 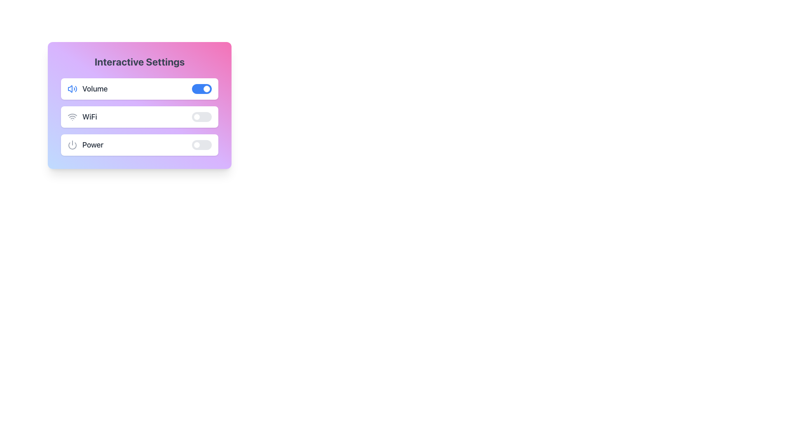 I want to click on the toggle switch in the Volume section of the settings panel to change its state, so click(x=201, y=89).